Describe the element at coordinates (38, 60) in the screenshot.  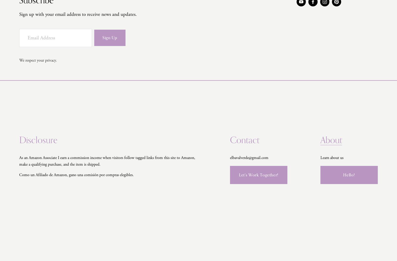
I see `'We respect your privacy.'` at that location.